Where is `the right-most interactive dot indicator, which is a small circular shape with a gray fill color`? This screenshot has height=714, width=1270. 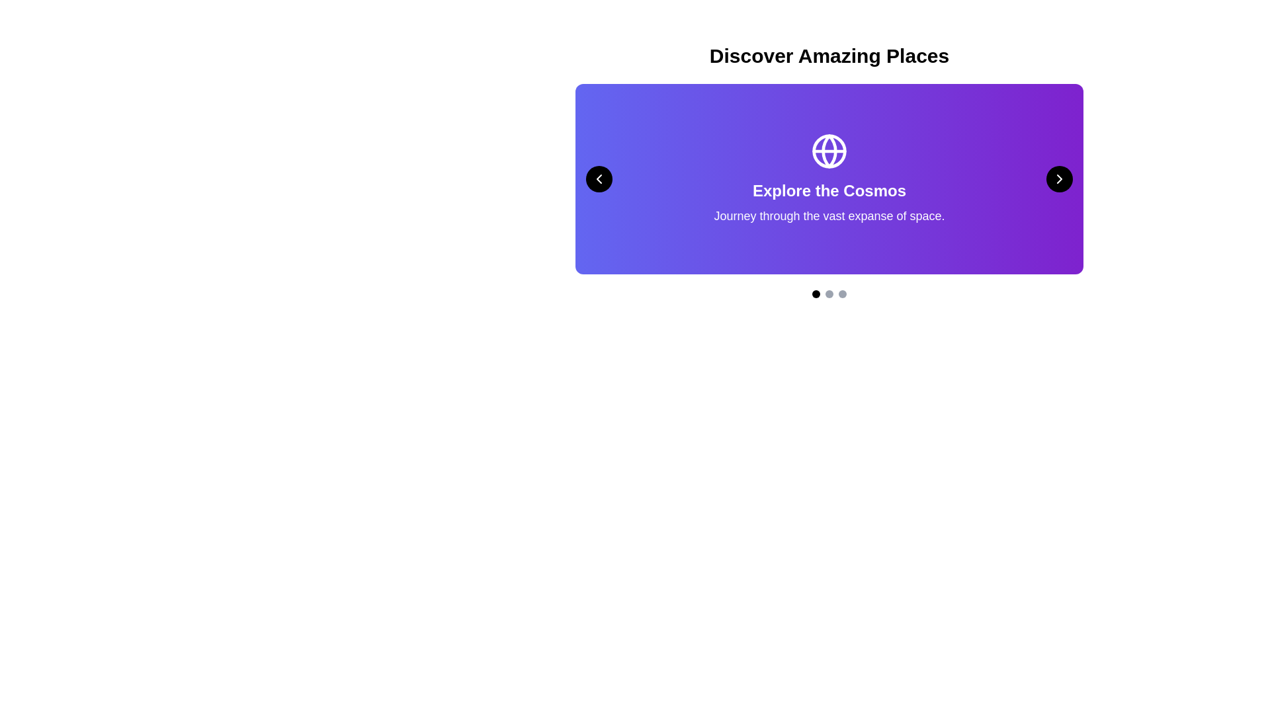 the right-most interactive dot indicator, which is a small circular shape with a gray fill color is located at coordinates (841, 293).